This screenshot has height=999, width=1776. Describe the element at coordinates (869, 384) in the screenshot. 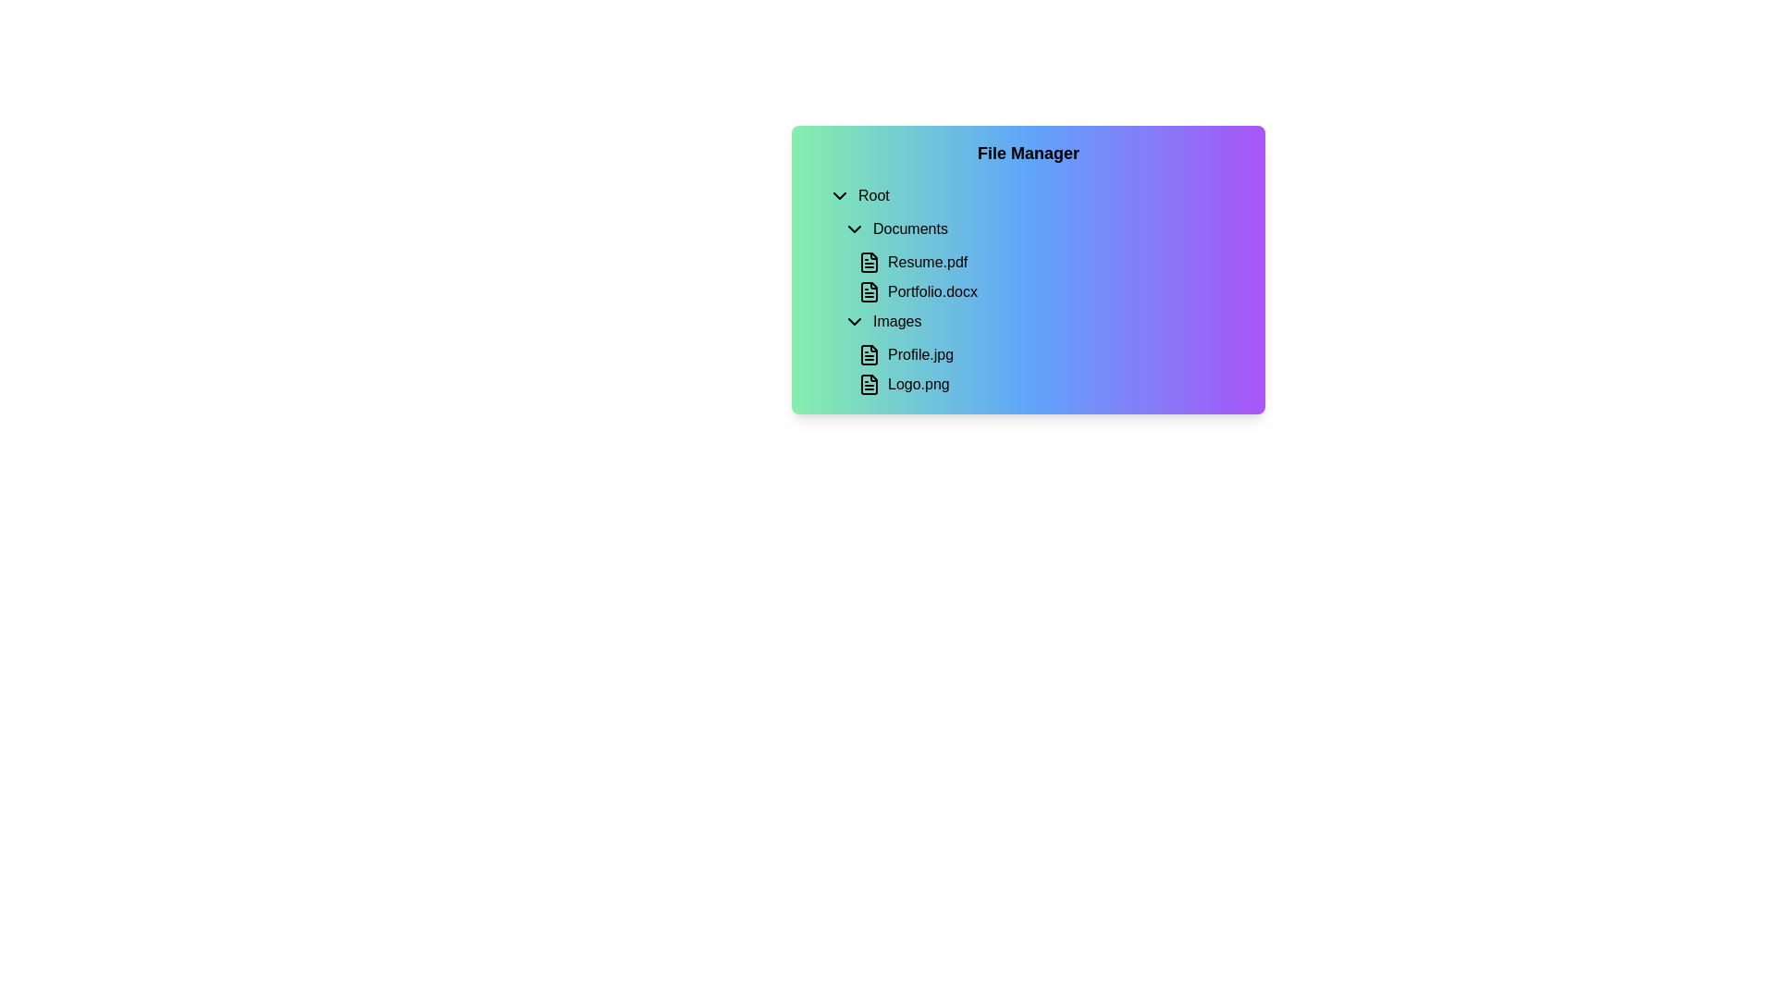

I see `the file icon representing 'Logo.png' located in the 'Images' section, which visually identifies a standard document` at that location.